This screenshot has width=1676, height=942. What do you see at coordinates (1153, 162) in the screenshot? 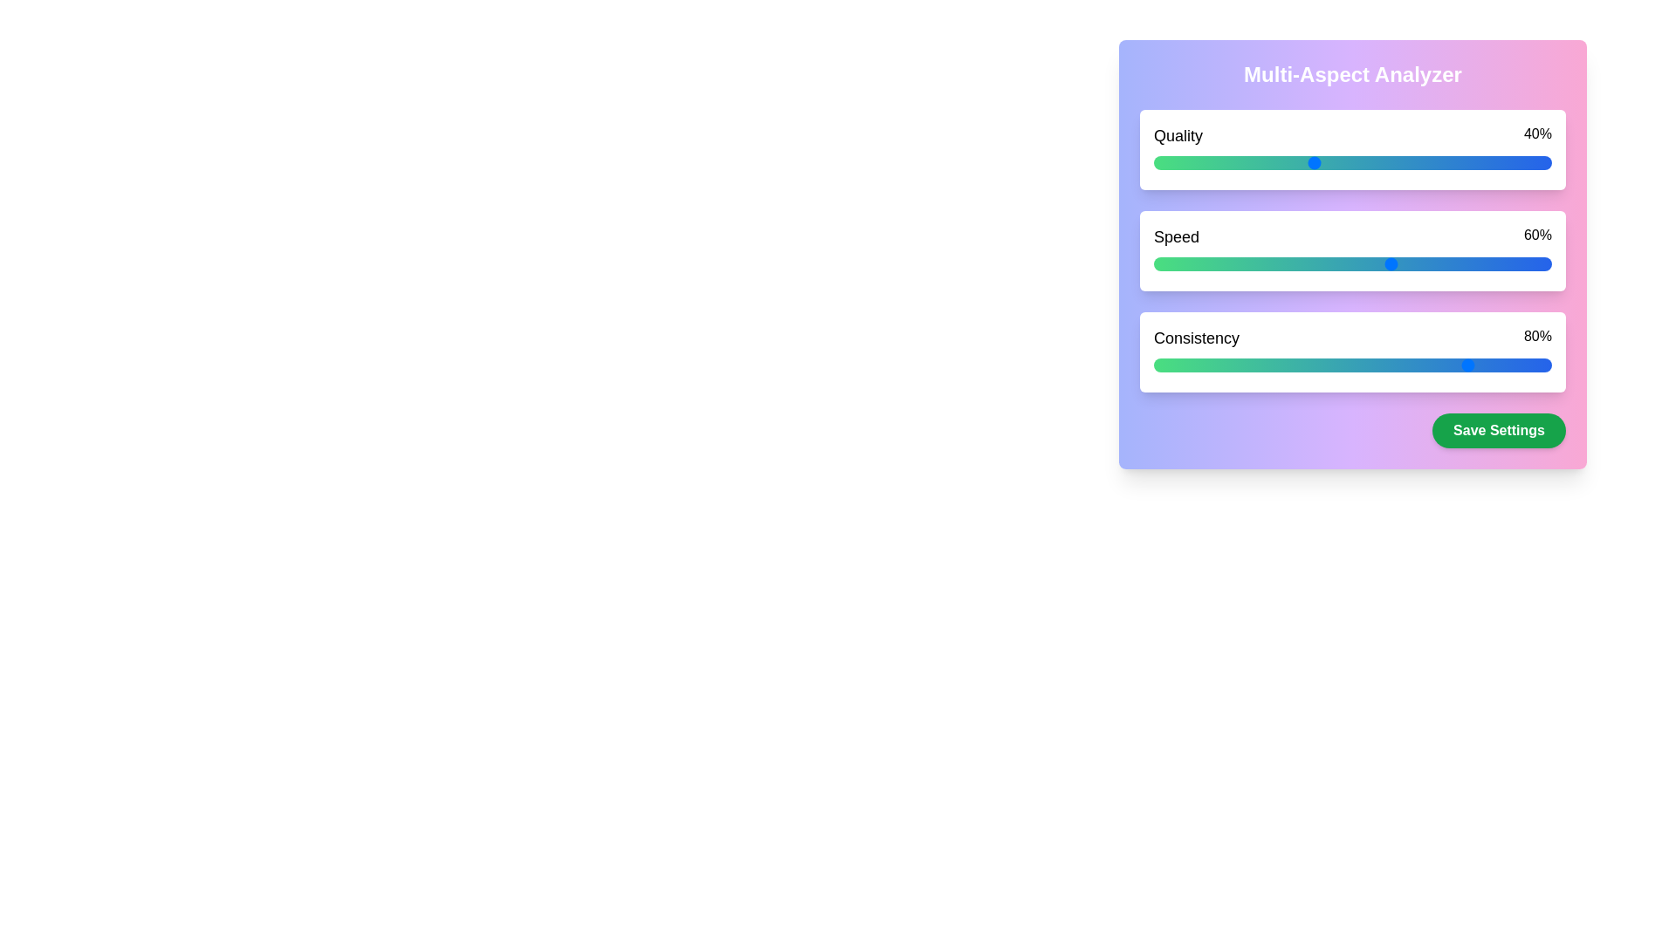
I see `quality` at bounding box center [1153, 162].